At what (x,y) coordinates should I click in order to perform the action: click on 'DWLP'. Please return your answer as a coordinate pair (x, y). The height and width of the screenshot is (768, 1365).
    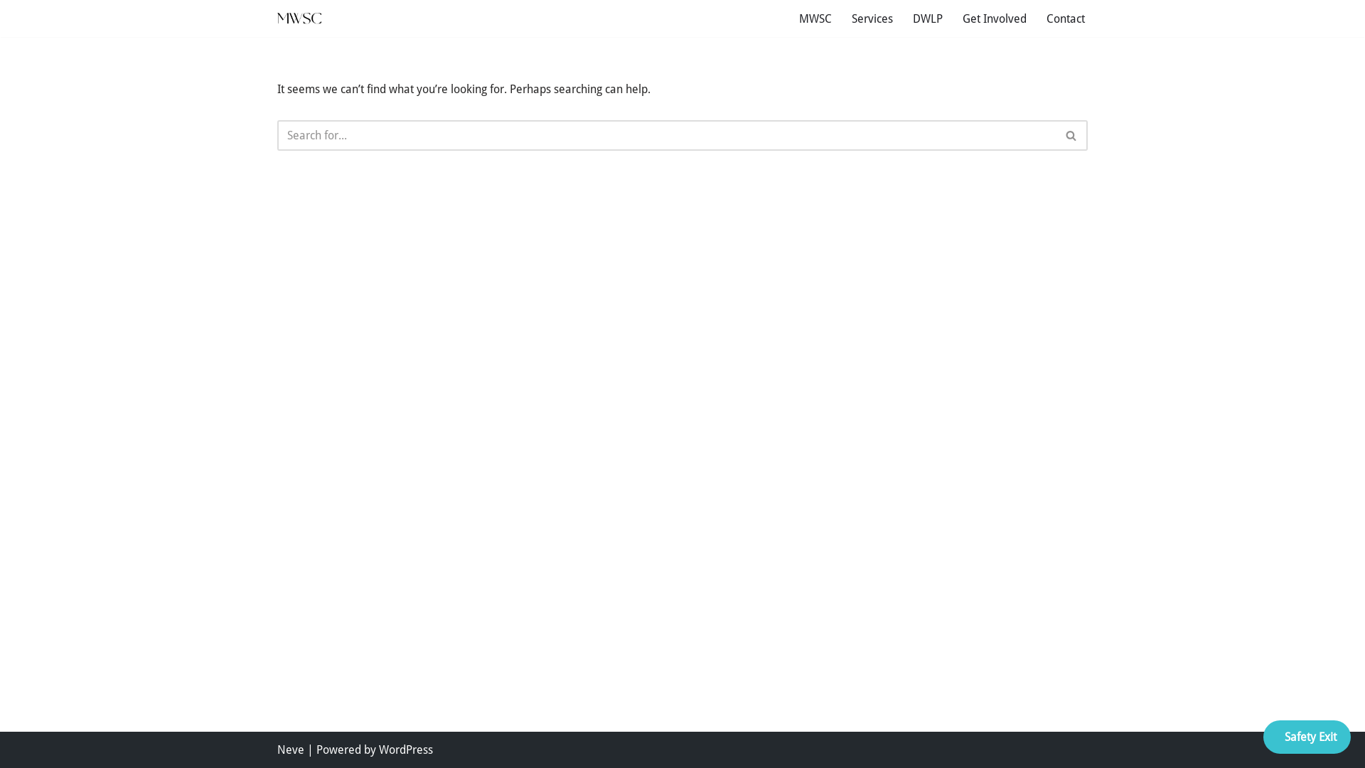
    Looking at the image, I should click on (928, 18).